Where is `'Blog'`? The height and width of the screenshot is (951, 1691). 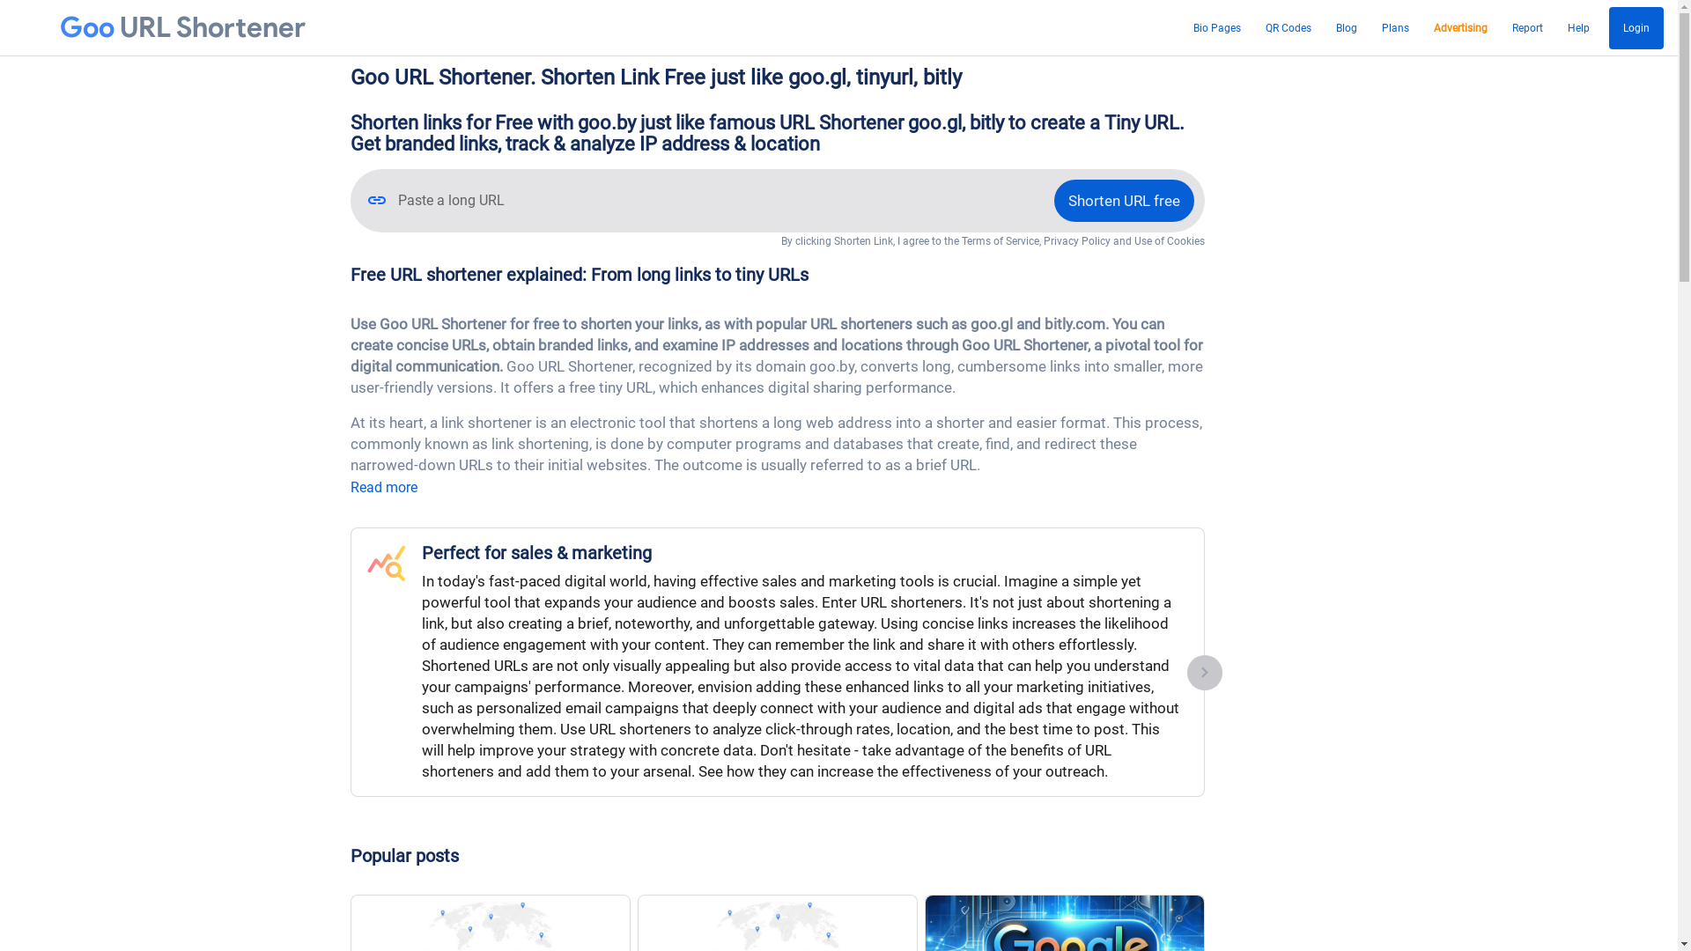 'Blog' is located at coordinates (1346, 27).